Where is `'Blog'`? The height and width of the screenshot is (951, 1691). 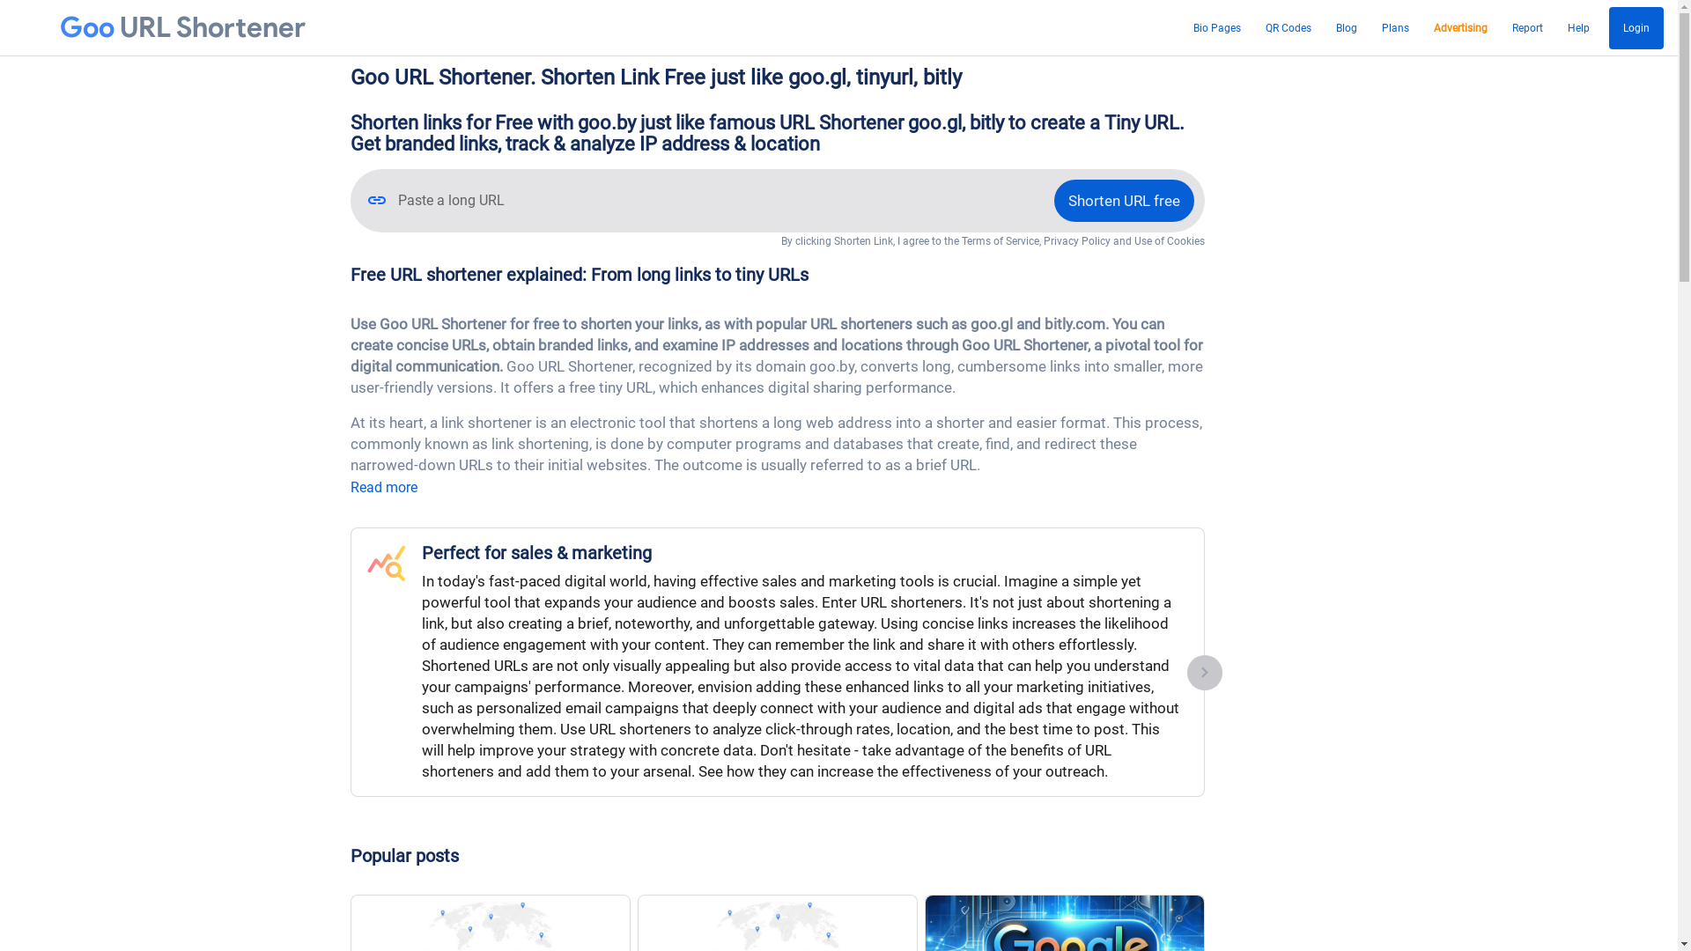 'Blog' is located at coordinates (1346, 27).